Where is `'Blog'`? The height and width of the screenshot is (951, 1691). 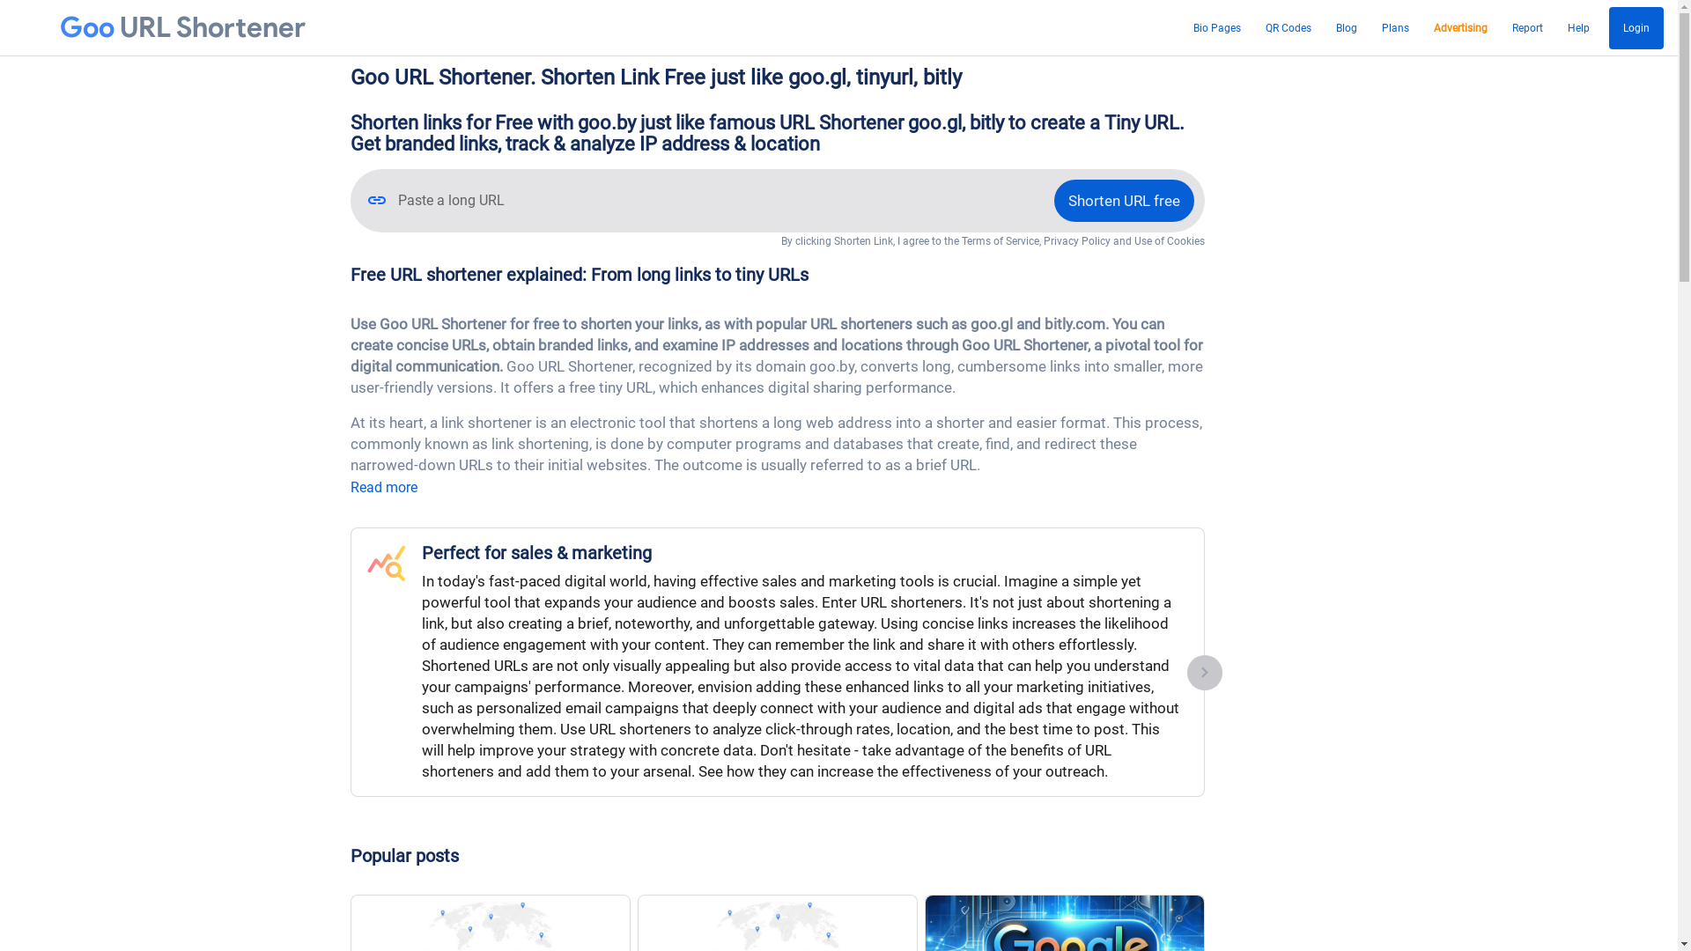 'Blog' is located at coordinates (1346, 27).